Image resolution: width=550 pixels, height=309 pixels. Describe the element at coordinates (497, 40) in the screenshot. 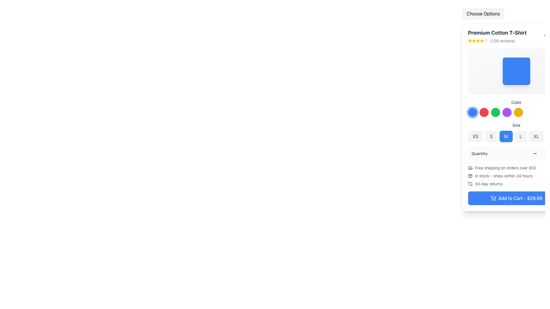

I see `the text label displaying '(128 reviews)' which is styled in gray and located under the title 'Premium Cotton T-Shirt'` at that location.